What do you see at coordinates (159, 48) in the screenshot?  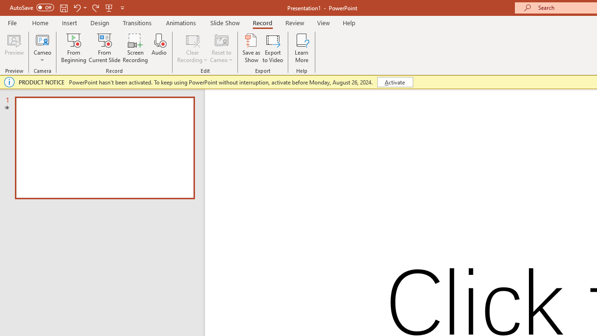 I see `'Audio'` at bounding box center [159, 48].